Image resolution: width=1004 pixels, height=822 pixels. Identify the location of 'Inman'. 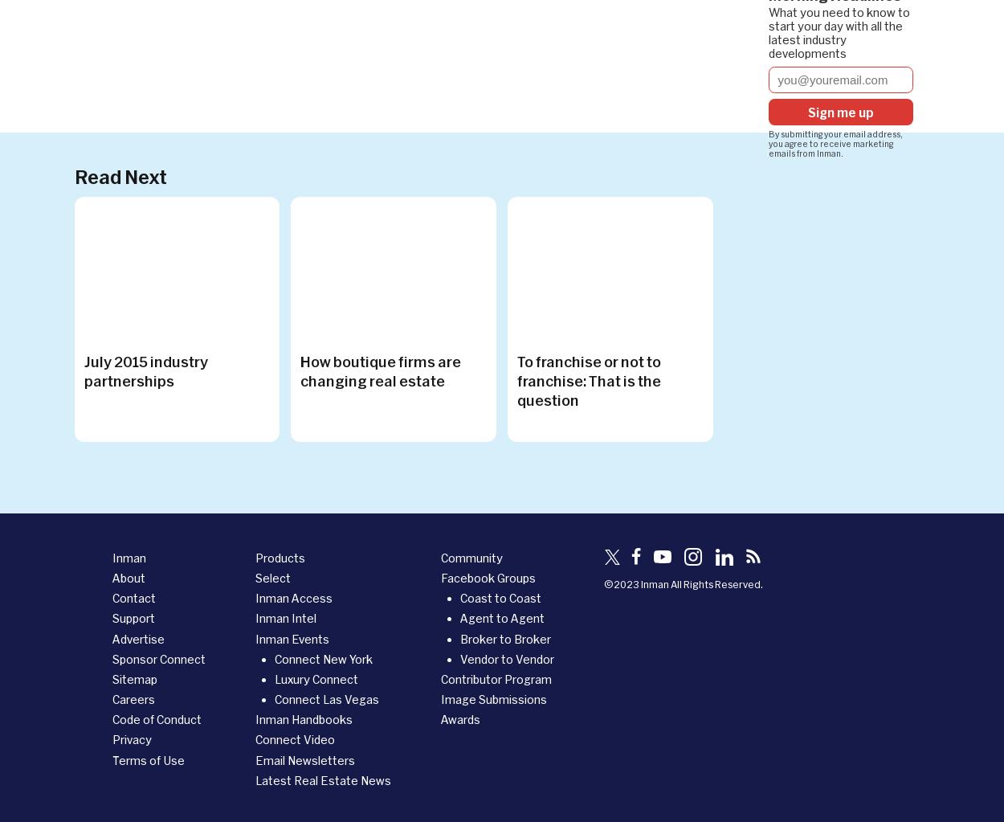
(112, 556).